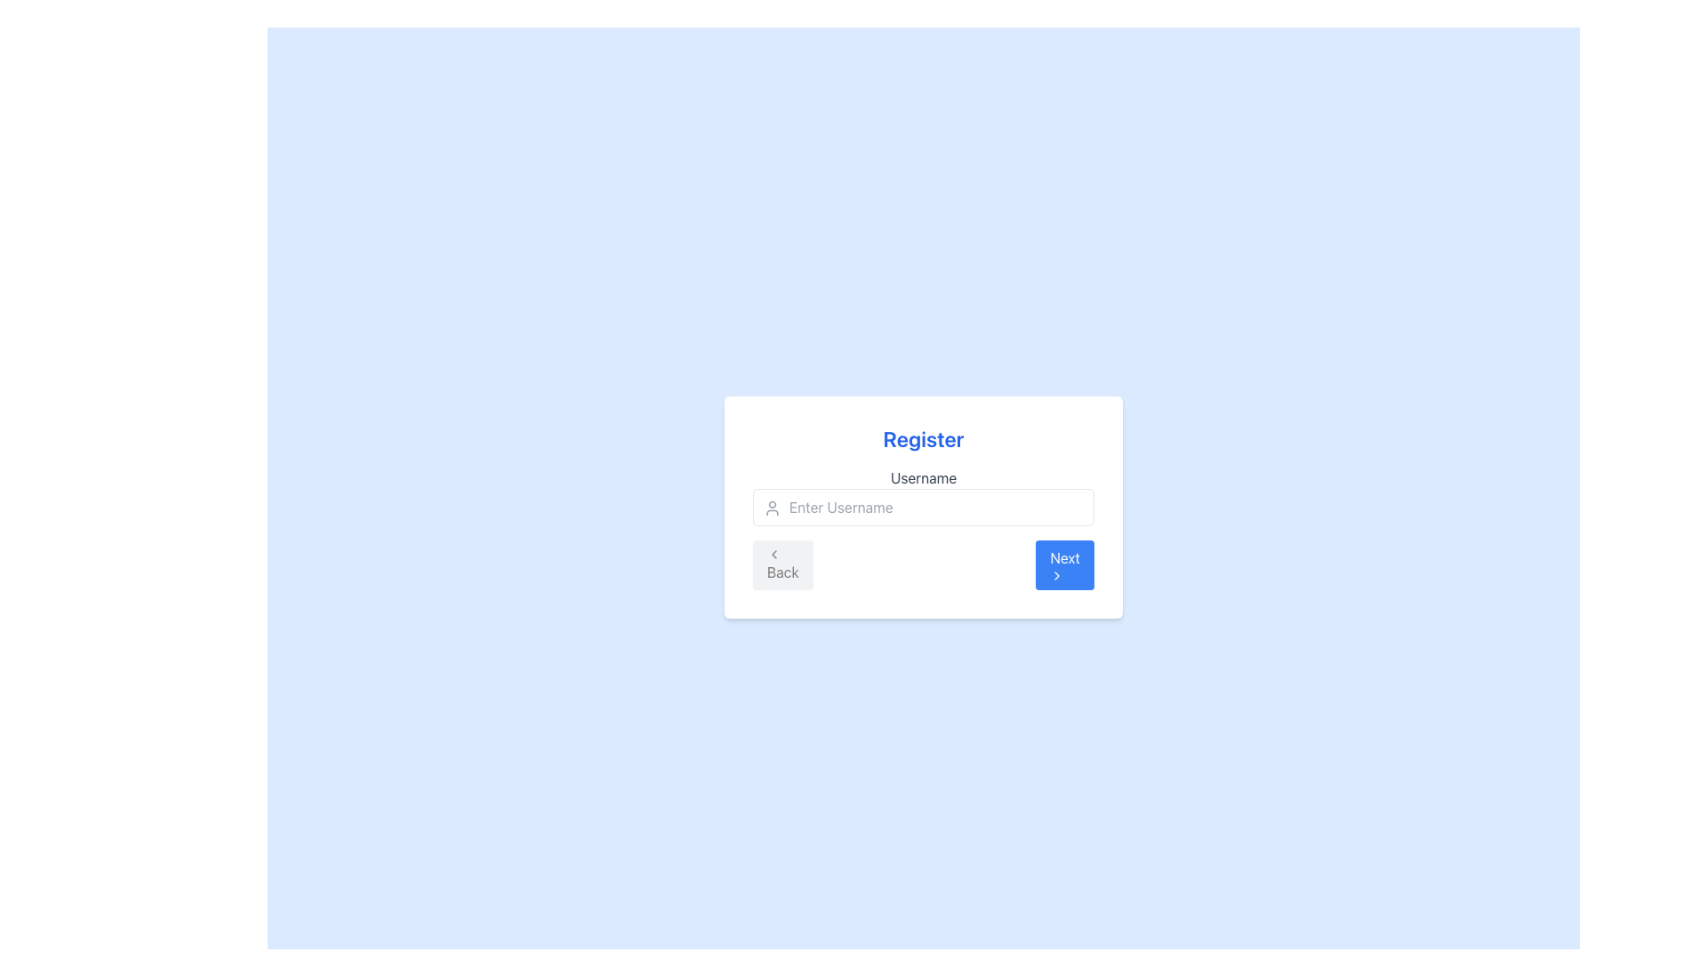  I want to click on the Decorative Icon, which is a user icon resembling a circular head and rounded rectangle body, located inside the username input field labeled 'Enter Username', so click(772, 508).